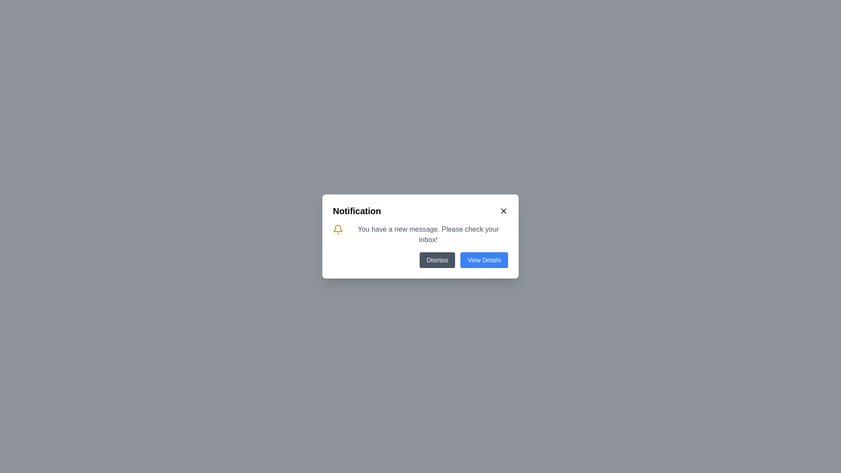 The image size is (841, 473). What do you see at coordinates (337, 228) in the screenshot?
I see `the yellow bell-shaped icon with a hollow outline located in the notification panel, near the title labeled 'Notification'` at bounding box center [337, 228].